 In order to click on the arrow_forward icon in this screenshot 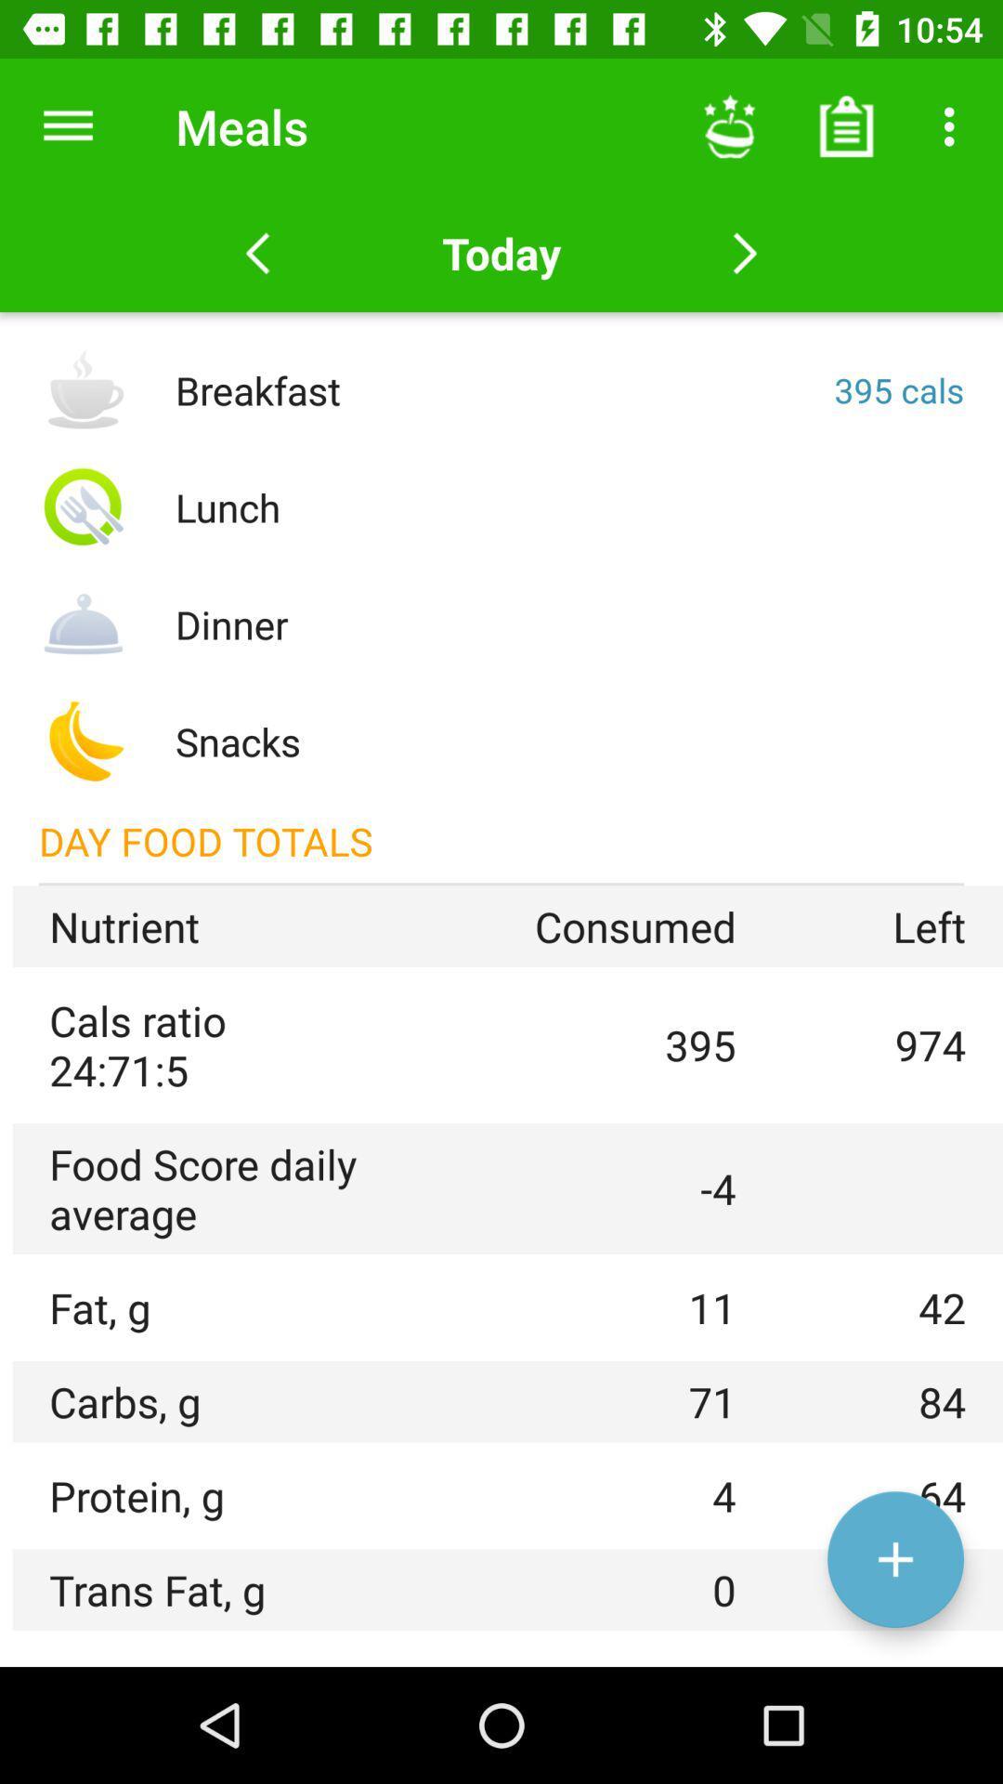, I will do `click(744, 253)`.